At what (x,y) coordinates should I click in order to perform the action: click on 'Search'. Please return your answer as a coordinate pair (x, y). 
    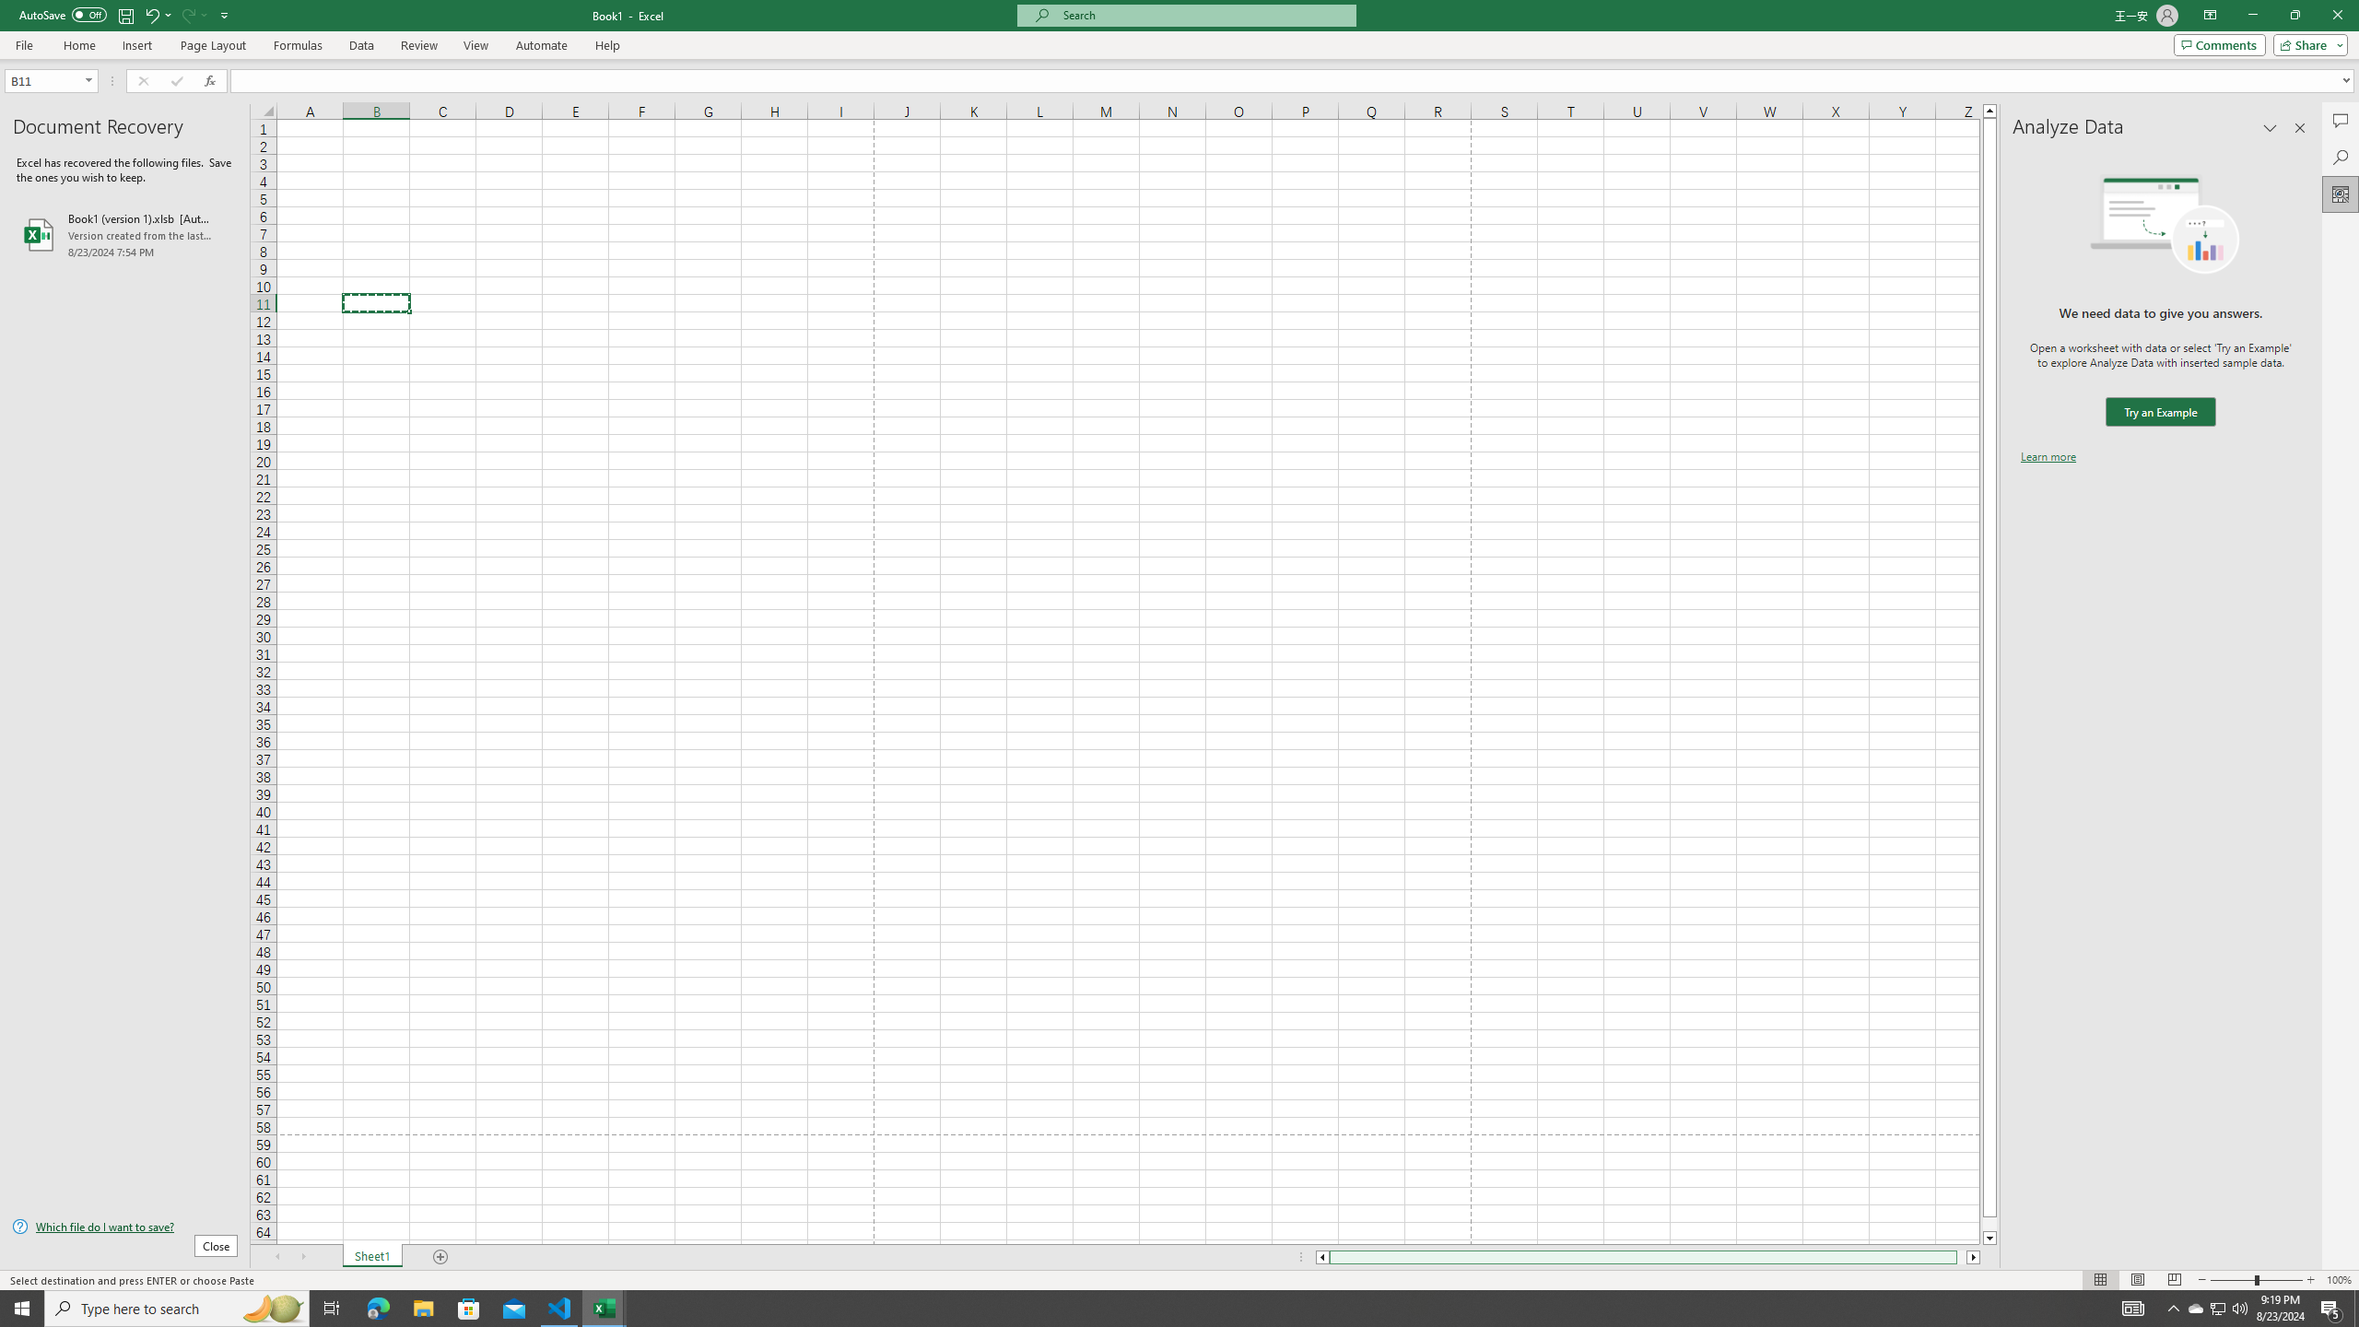
    Looking at the image, I should click on (2340, 158).